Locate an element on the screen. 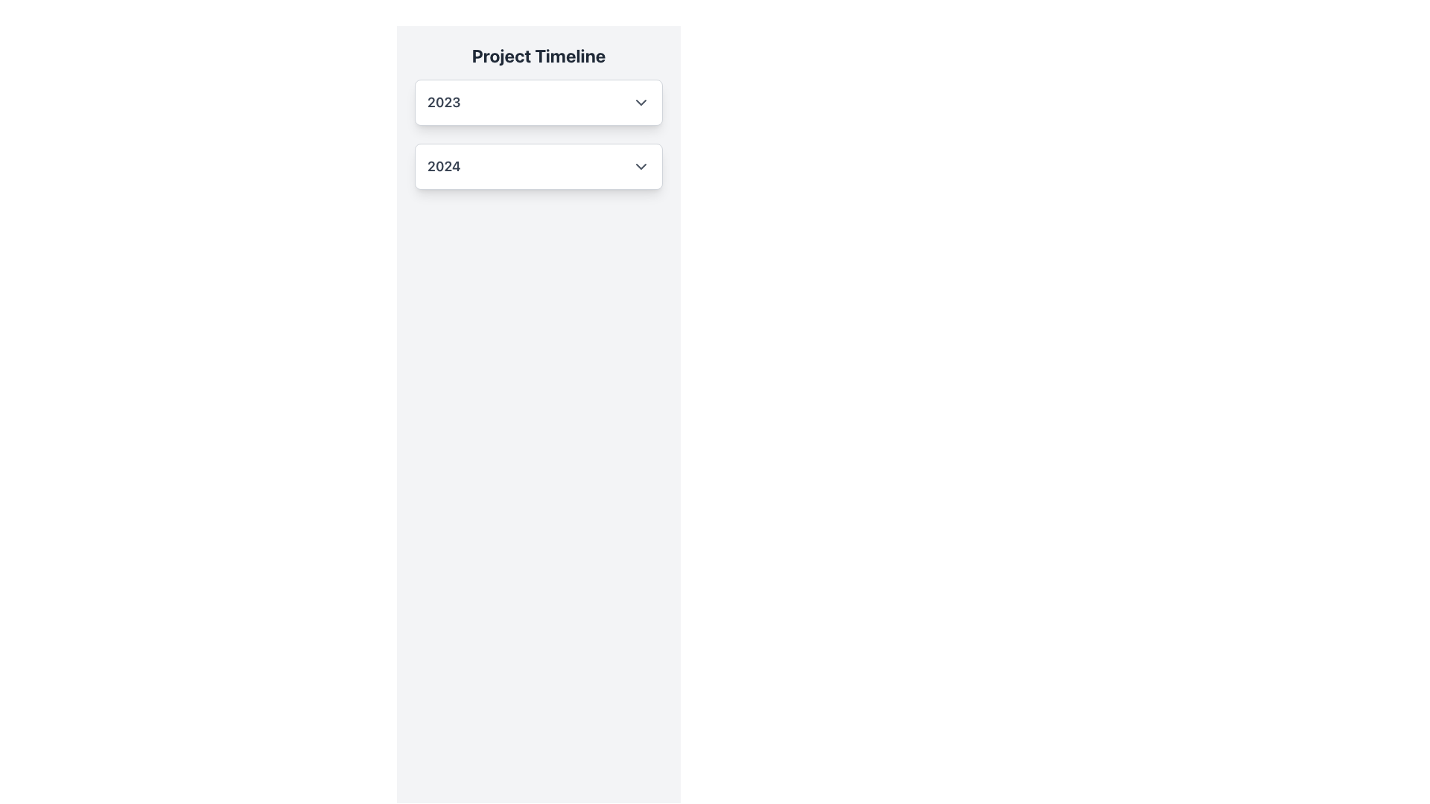 Image resolution: width=1430 pixels, height=804 pixels. text label displaying the year '2024', which is in bold gray font and located in the dropdown under 'Project Timeline.' is located at coordinates (443, 166).